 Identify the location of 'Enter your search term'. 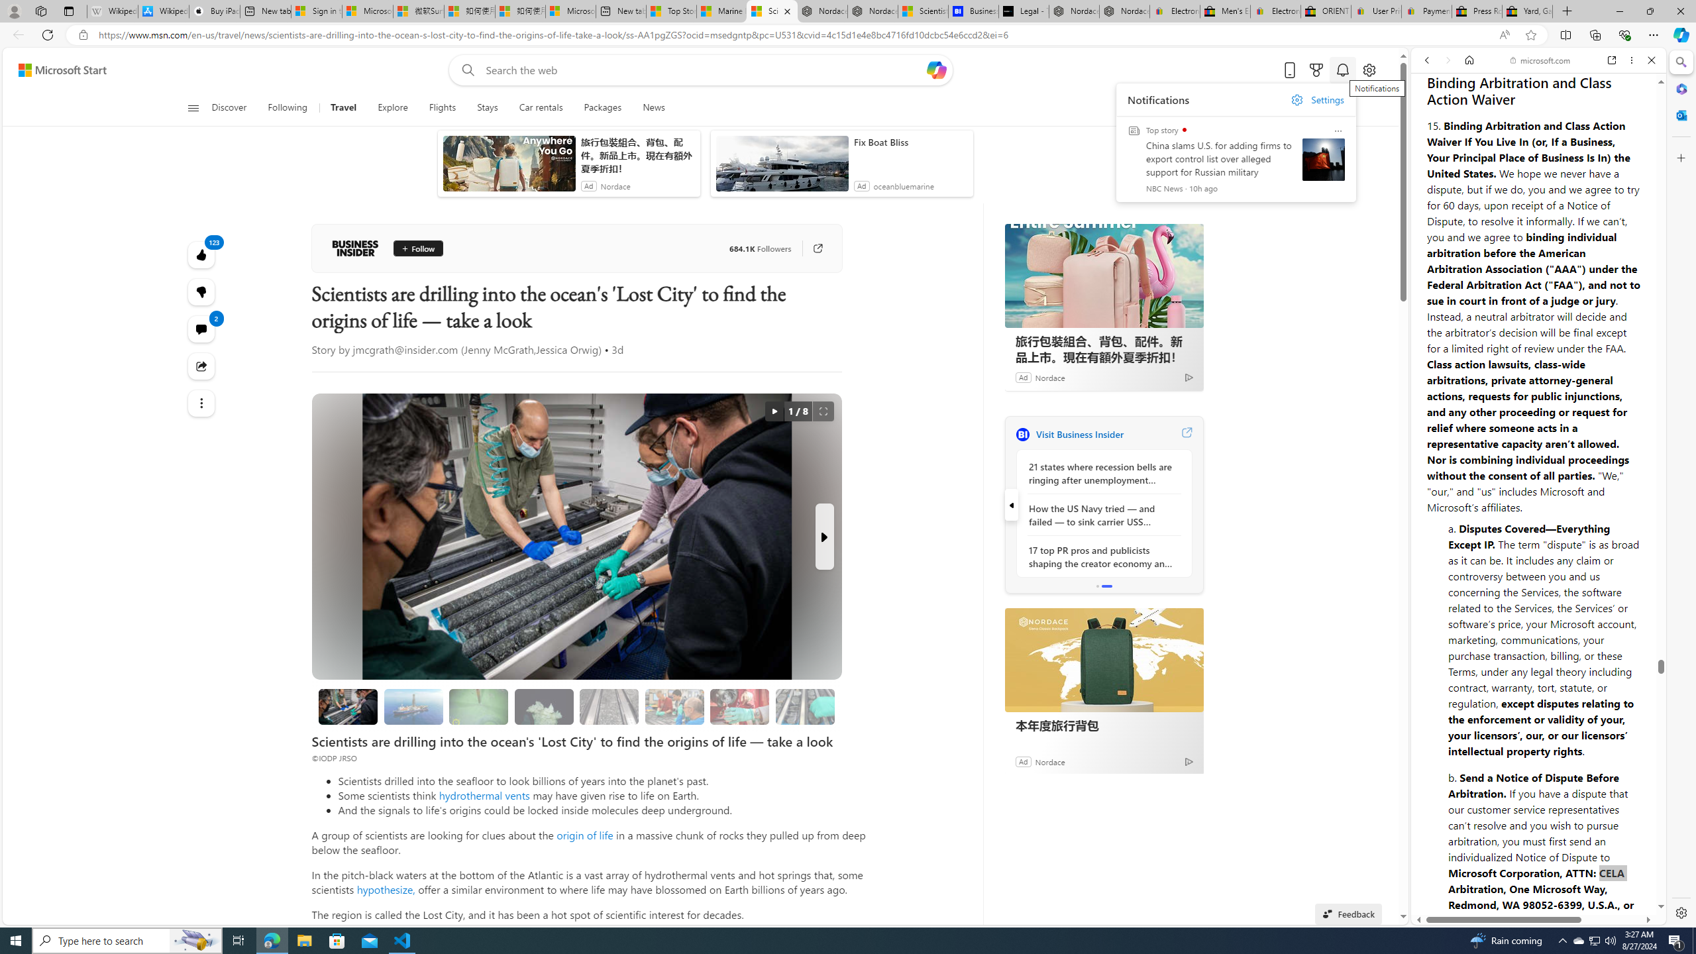
(703, 69).